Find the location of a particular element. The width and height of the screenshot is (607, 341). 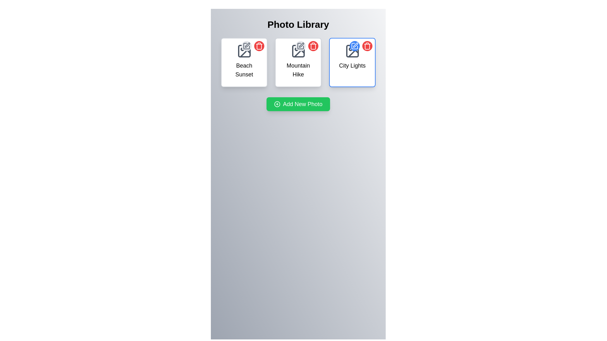

the circular icon with a plus sign inside the green button labeled 'Add New Photo' is located at coordinates (277, 104).